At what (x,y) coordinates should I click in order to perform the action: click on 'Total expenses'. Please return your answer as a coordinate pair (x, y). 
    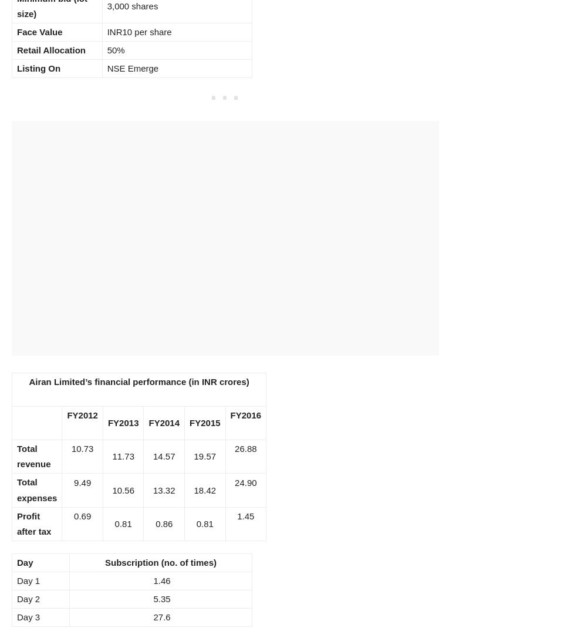
    Looking at the image, I should click on (36, 489).